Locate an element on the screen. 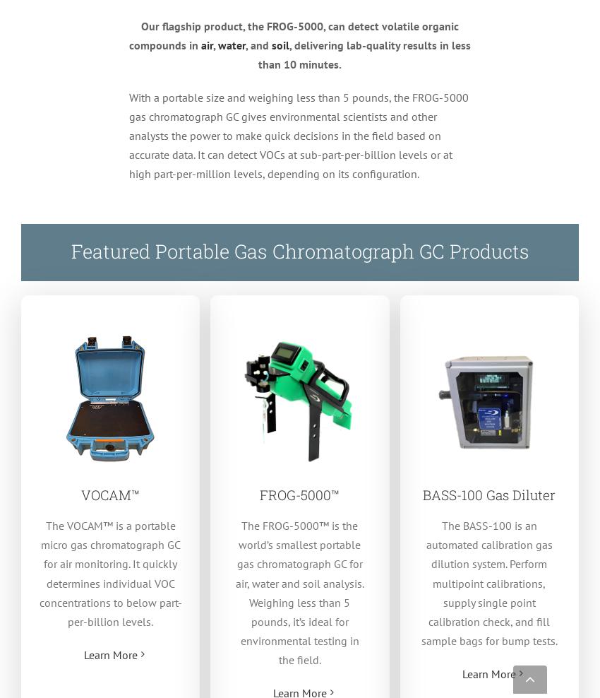  'air' is located at coordinates (205, 45).